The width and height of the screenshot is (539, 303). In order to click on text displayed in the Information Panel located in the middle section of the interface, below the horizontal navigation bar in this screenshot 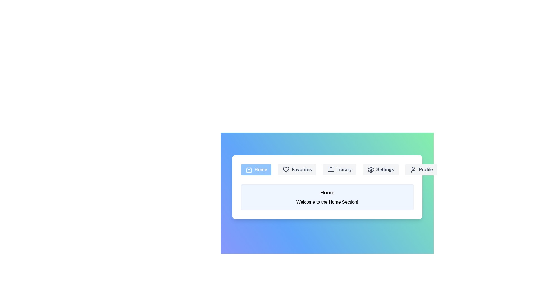, I will do `click(327, 197)`.